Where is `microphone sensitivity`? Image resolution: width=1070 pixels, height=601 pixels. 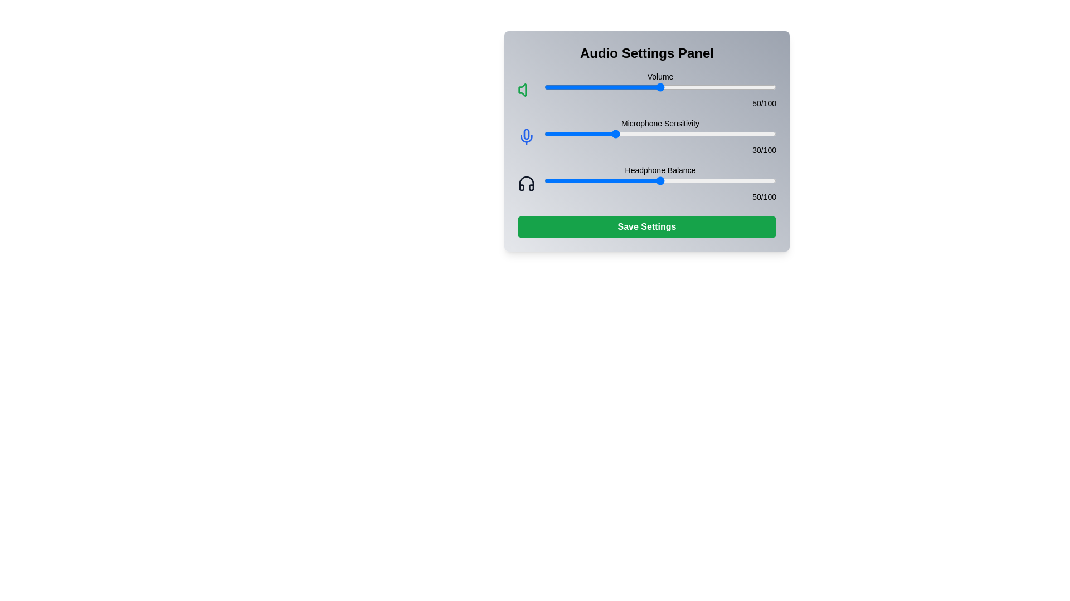
microphone sensitivity is located at coordinates (653, 133).